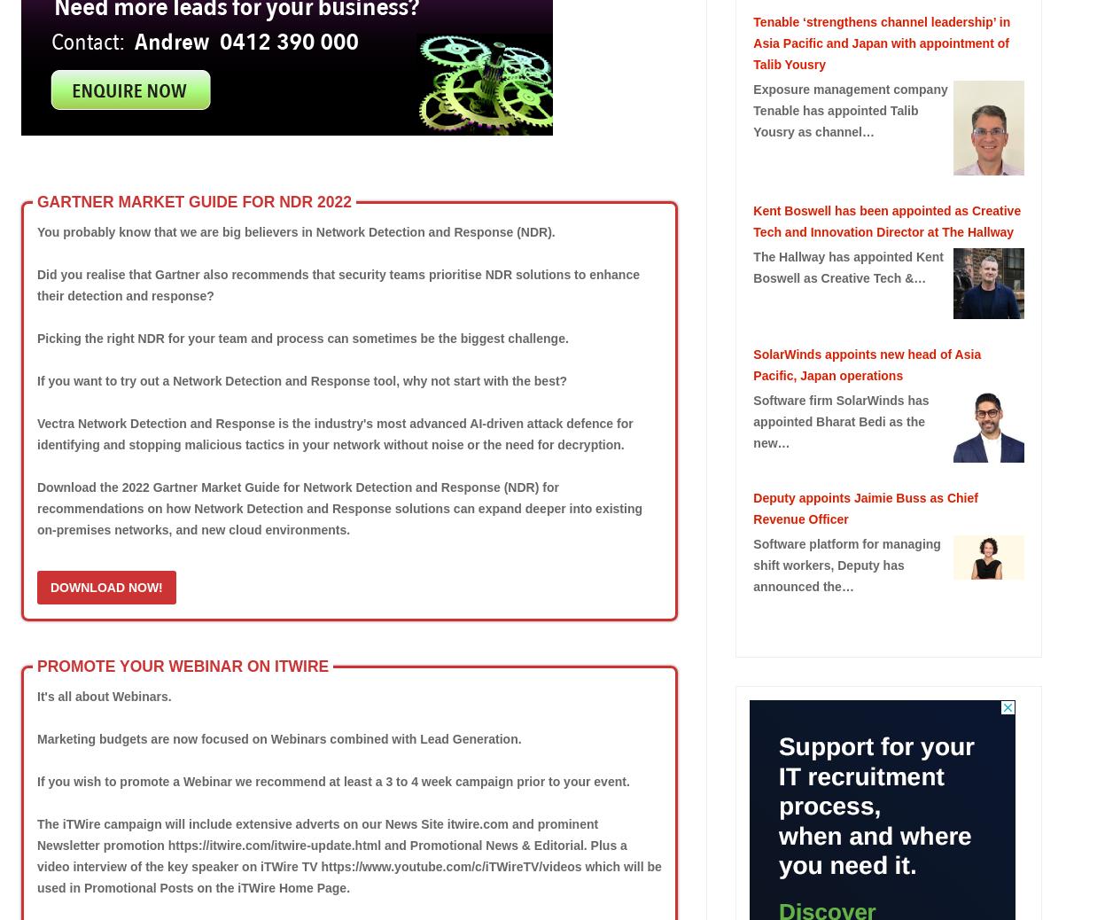  Describe the element at coordinates (339, 506) in the screenshot. I see `'Download the 2022 Gartner Market Guide for Network Detection and Response (NDR) for recommendations on how Network Detection and Response solutions can expand deeper into existing on-premises networks, and new cloud environments.'` at that location.